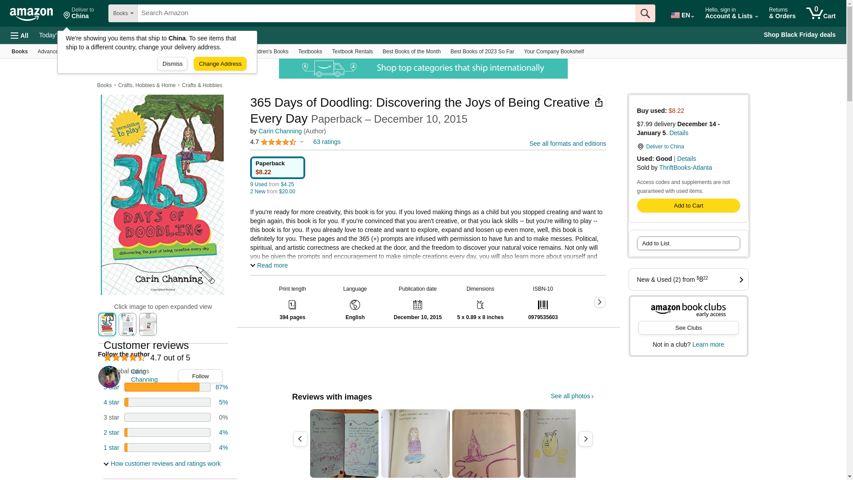  What do you see at coordinates (276, 141) in the screenshot?
I see `'4.7'` at bounding box center [276, 141].